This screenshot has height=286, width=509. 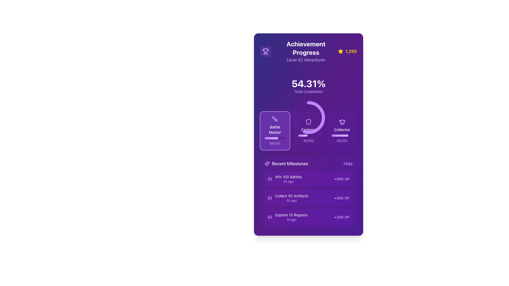 I want to click on the text element displaying '+300 XP' in the 'Recent Milestones' section, which is aligned to the right of the task 'Collect 50 Artifacts 5h ago', so click(x=342, y=198).